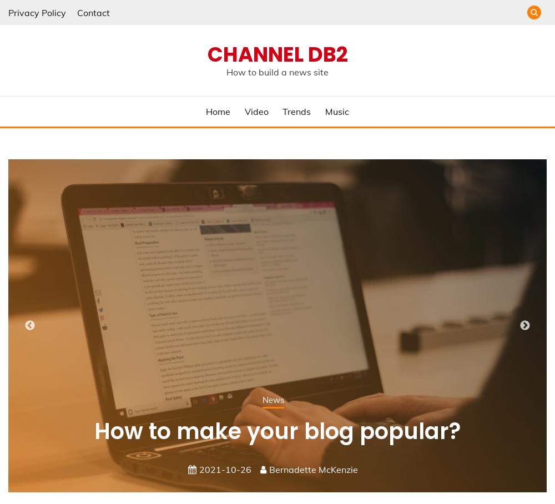 Image resolution: width=555 pixels, height=504 pixels. What do you see at coordinates (336, 111) in the screenshot?
I see `'Music'` at bounding box center [336, 111].